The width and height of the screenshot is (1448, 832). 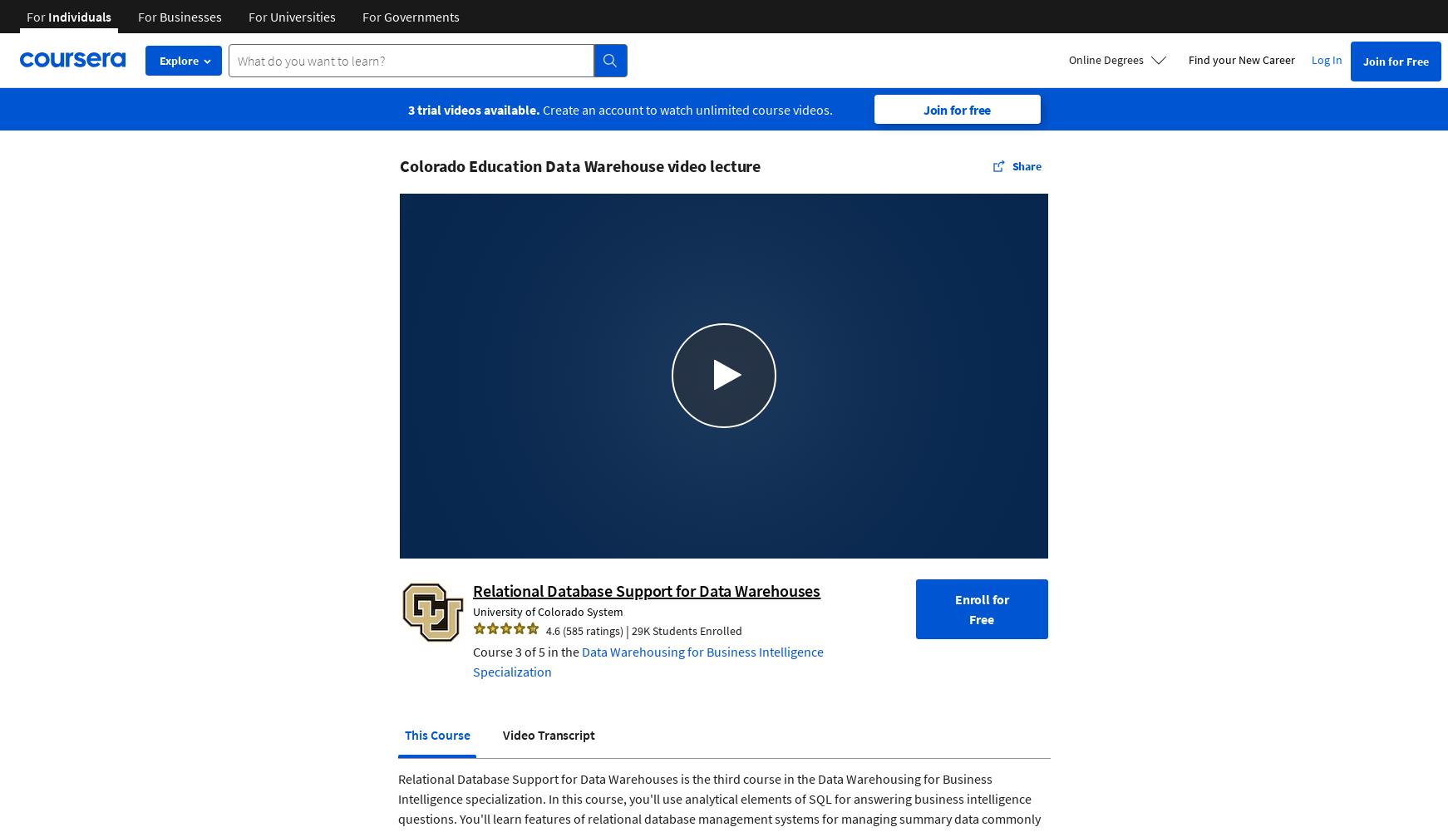 I want to click on 'Course 3 of 5 in the', so click(x=526, y=650).